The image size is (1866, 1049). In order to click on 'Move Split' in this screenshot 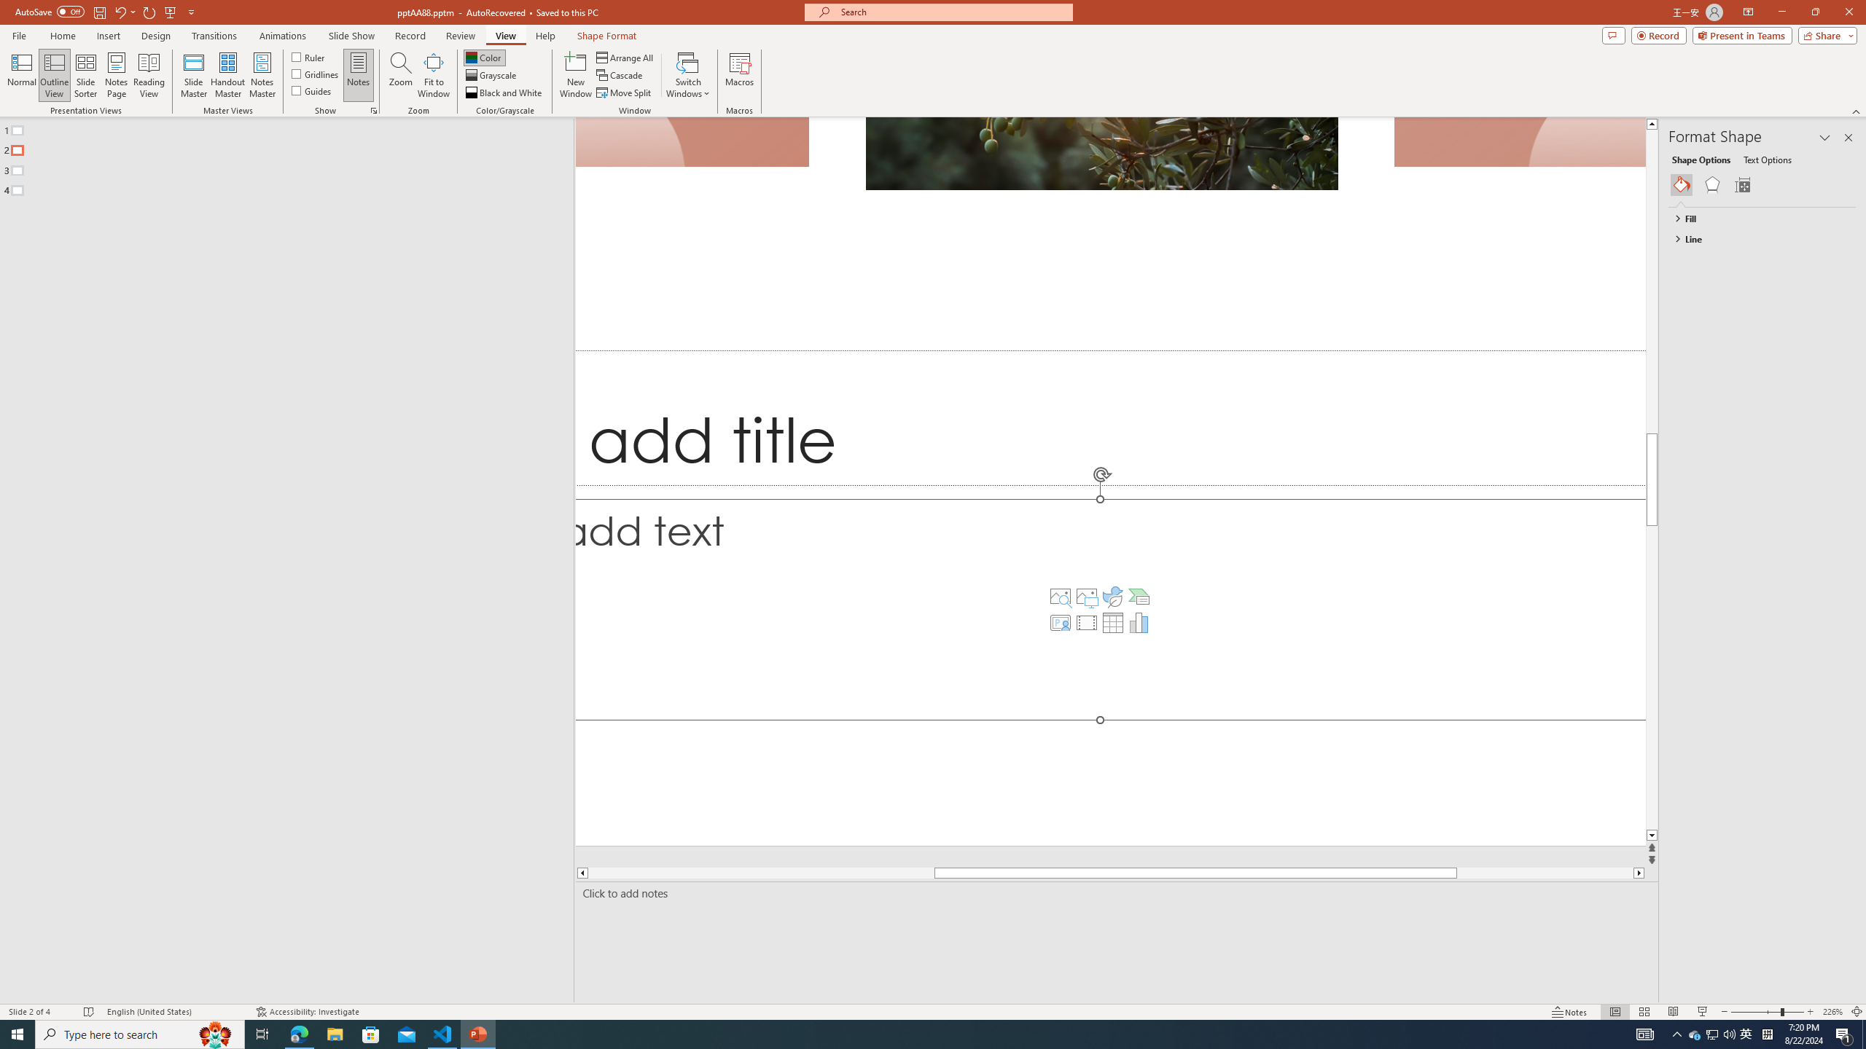, I will do `click(624, 93)`.